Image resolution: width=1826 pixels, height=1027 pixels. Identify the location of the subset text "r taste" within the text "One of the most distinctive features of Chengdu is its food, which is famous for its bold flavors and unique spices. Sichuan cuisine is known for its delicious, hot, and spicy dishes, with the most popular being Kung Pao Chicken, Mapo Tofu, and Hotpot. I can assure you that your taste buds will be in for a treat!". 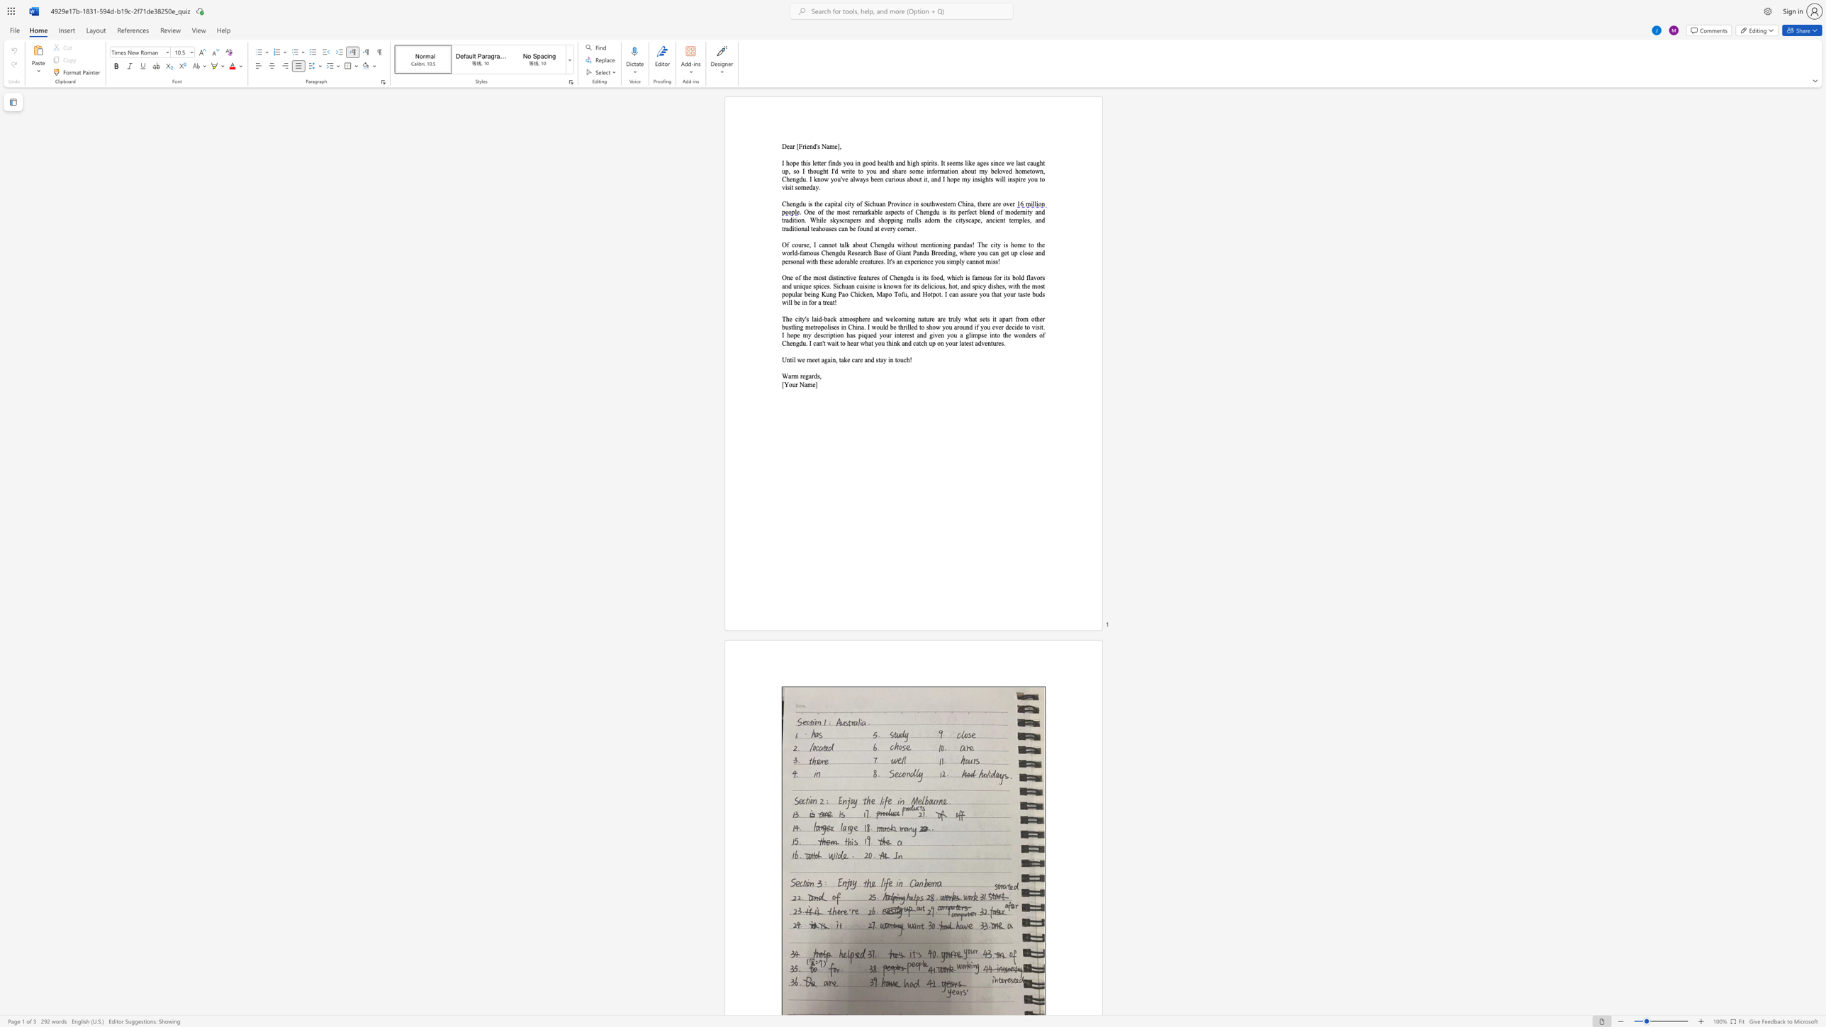
(1014, 293).